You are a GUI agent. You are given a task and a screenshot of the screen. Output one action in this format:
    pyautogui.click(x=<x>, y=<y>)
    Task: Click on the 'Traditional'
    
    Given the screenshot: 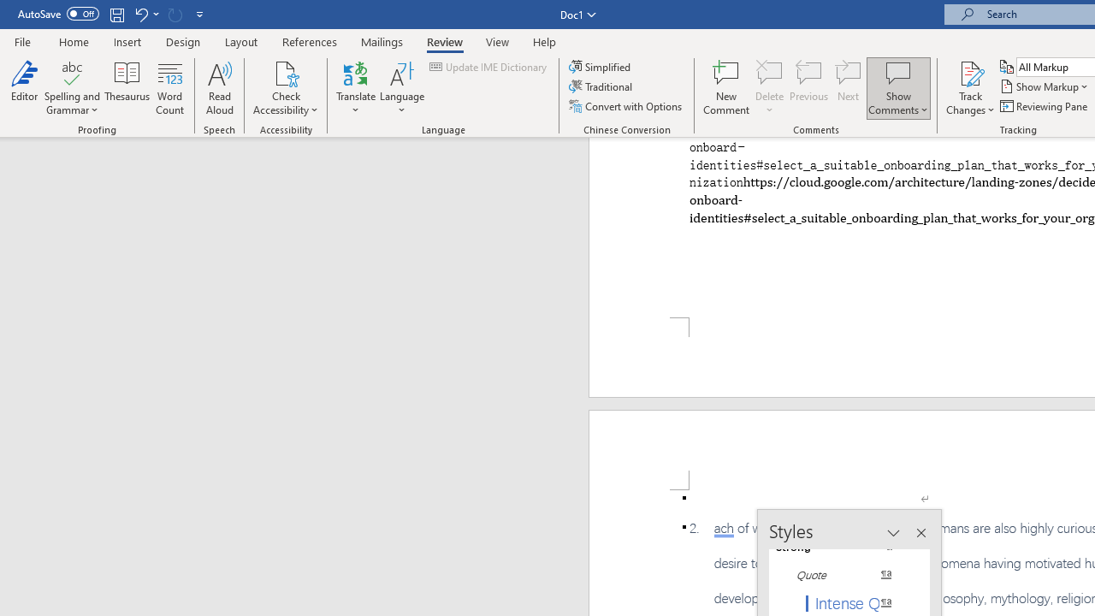 What is the action you would take?
    pyautogui.click(x=602, y=86)
    